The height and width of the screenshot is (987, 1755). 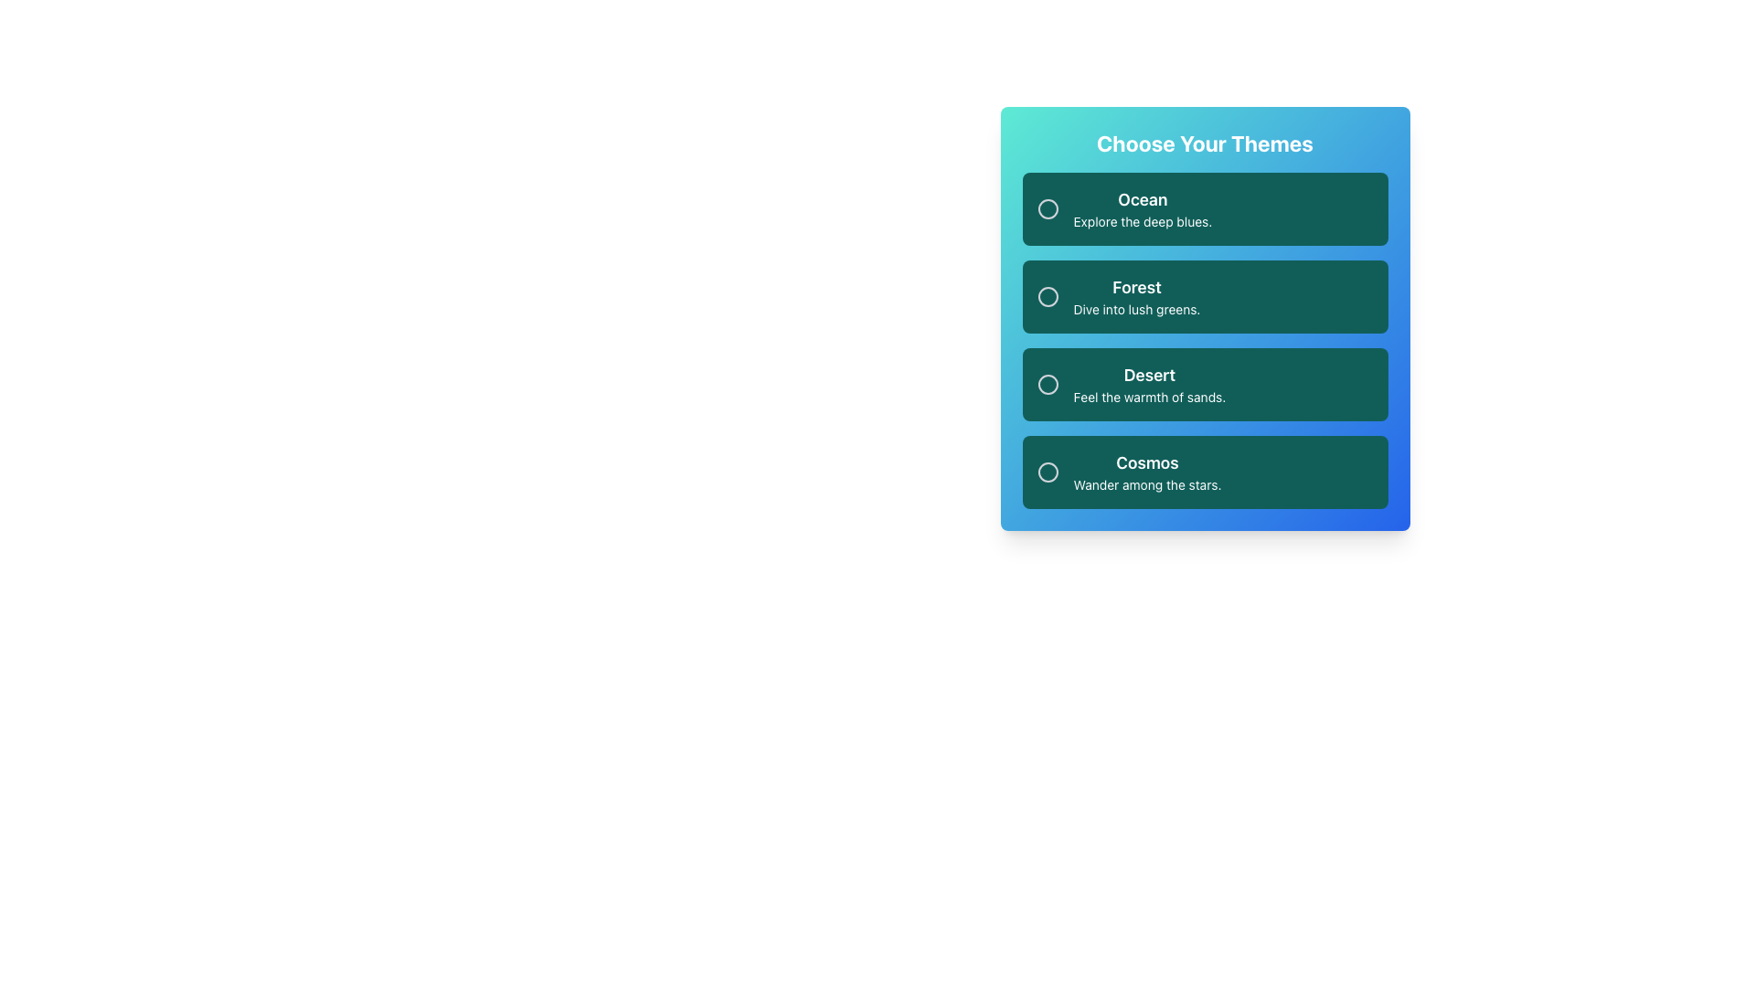 What do you see at coordinates (1142, 207) in the screenshot?
I see `the first selectable option in the 'Choose Your Themes' panel, which allows users to choose the 'Ocean' theme` at bounding box center [1142, 207].